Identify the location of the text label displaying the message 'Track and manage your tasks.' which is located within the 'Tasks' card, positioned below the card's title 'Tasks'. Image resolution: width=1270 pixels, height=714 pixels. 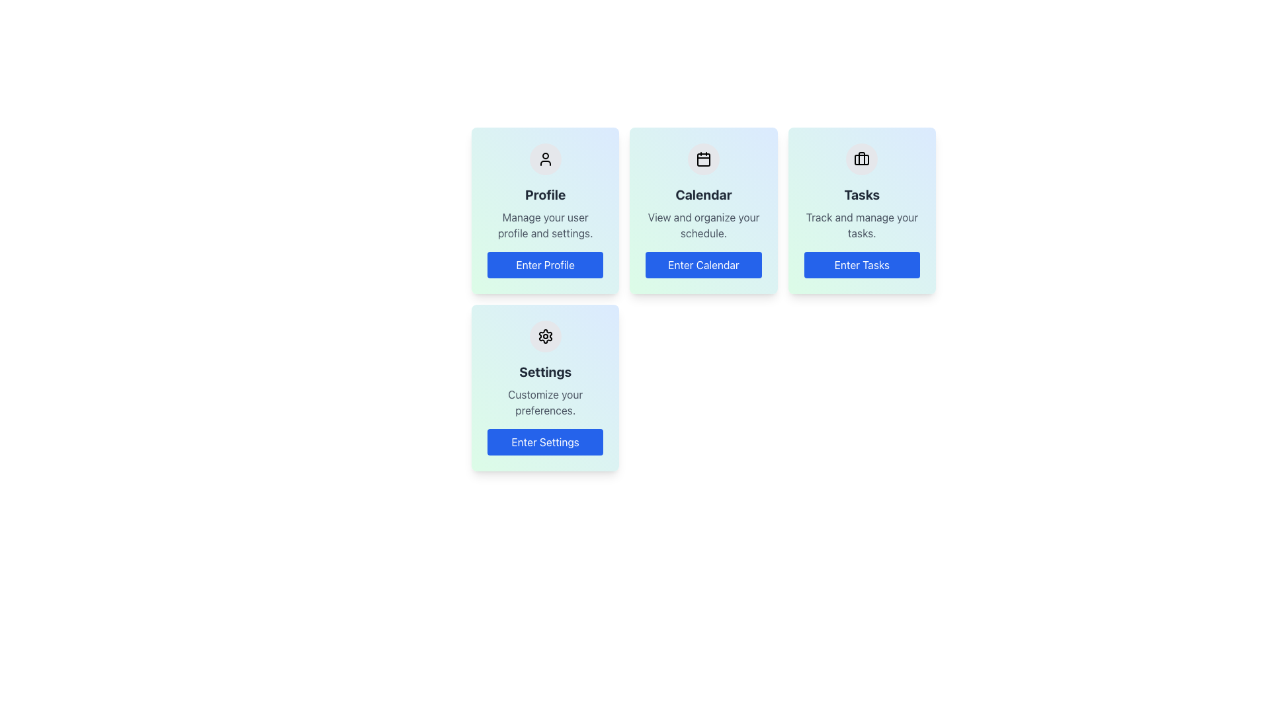
(862, 224).